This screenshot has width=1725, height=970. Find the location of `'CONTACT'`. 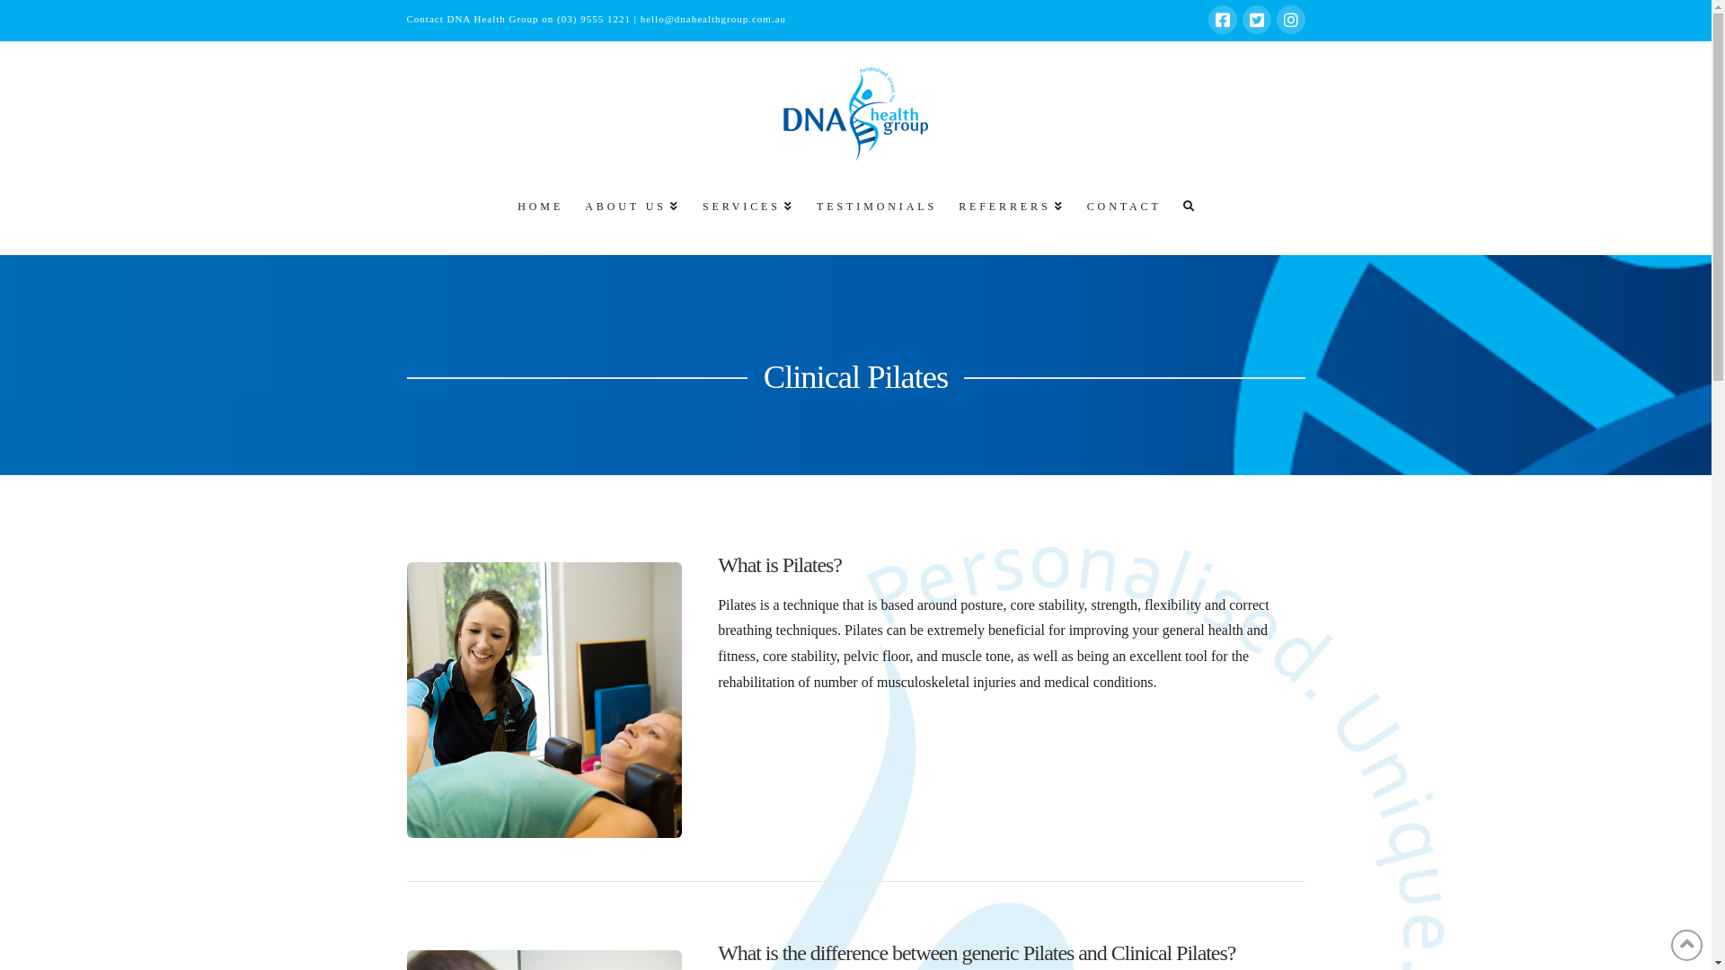

'CONTACT' is located at coordinates (1121, 214).